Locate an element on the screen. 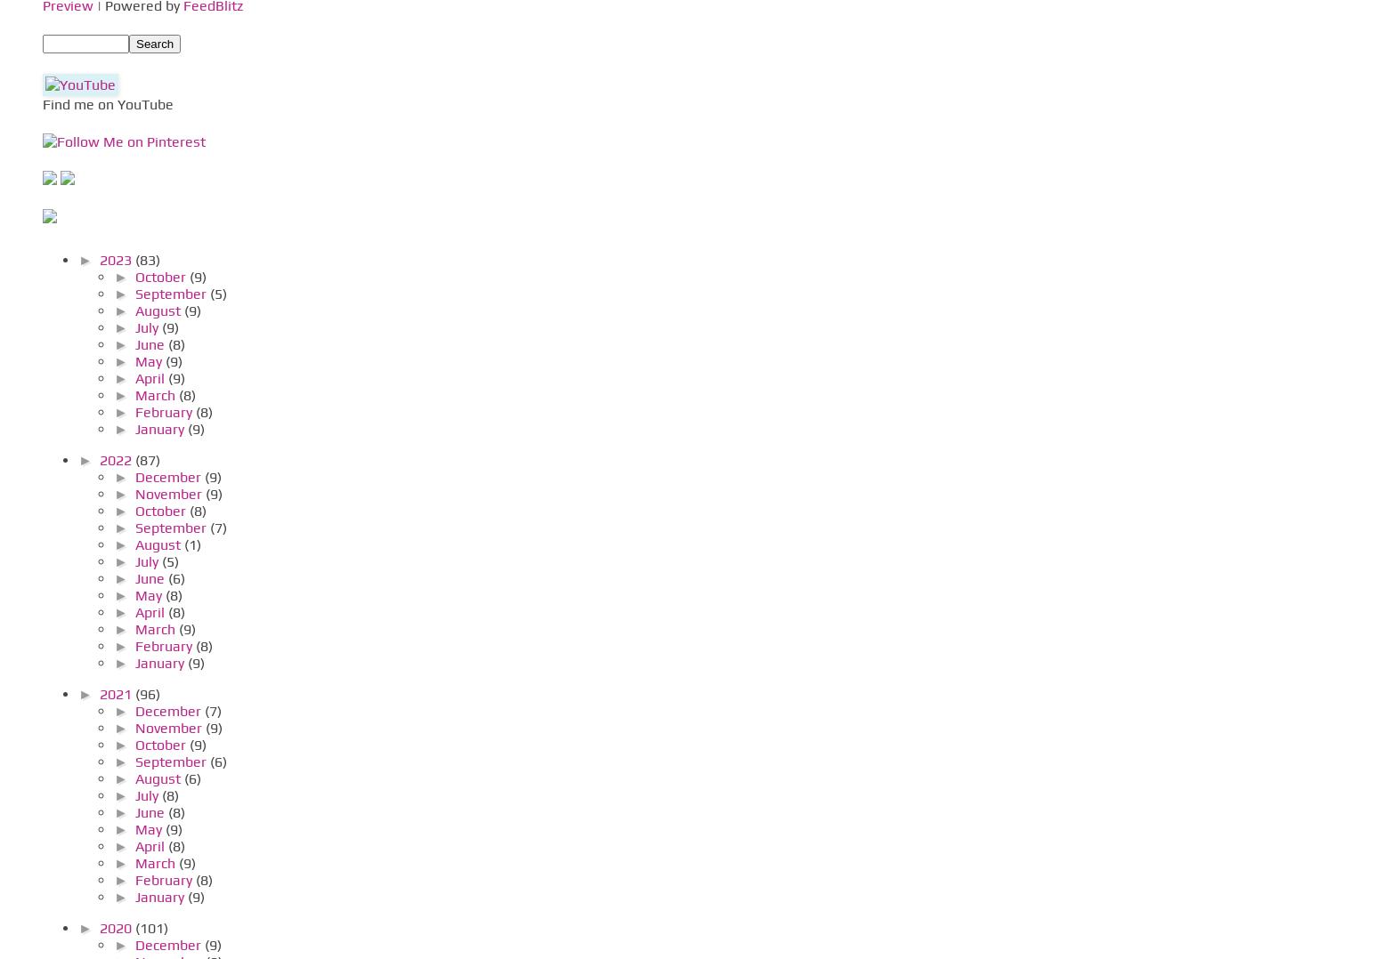 This screenshot has width=1387, height=959. '2021' is located at coordinates (116, 692).